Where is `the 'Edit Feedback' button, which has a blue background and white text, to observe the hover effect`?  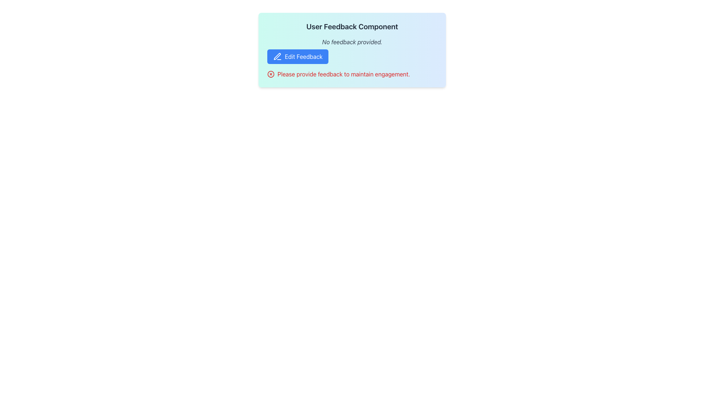
the 'Edit Feedback' button, which has a blue background and white text, to observe the hover effect is located at coordinates (298, 56).